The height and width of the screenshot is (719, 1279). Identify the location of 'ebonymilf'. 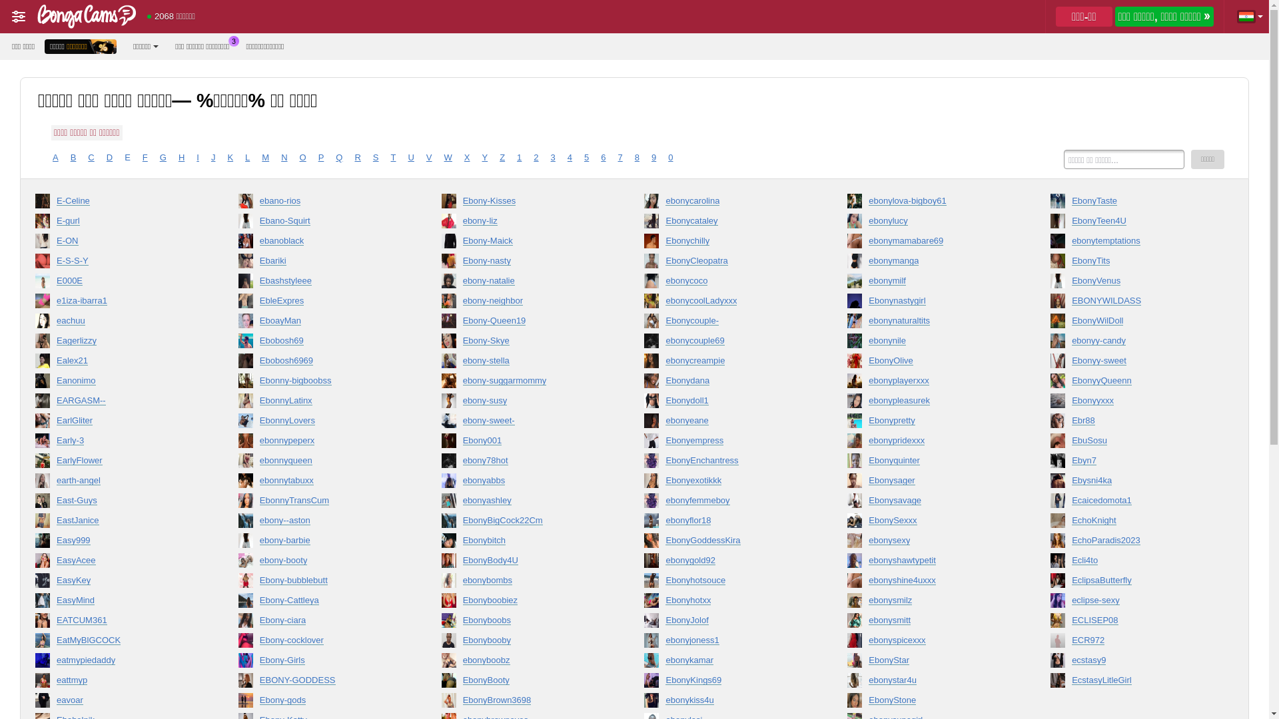
(929, 282).